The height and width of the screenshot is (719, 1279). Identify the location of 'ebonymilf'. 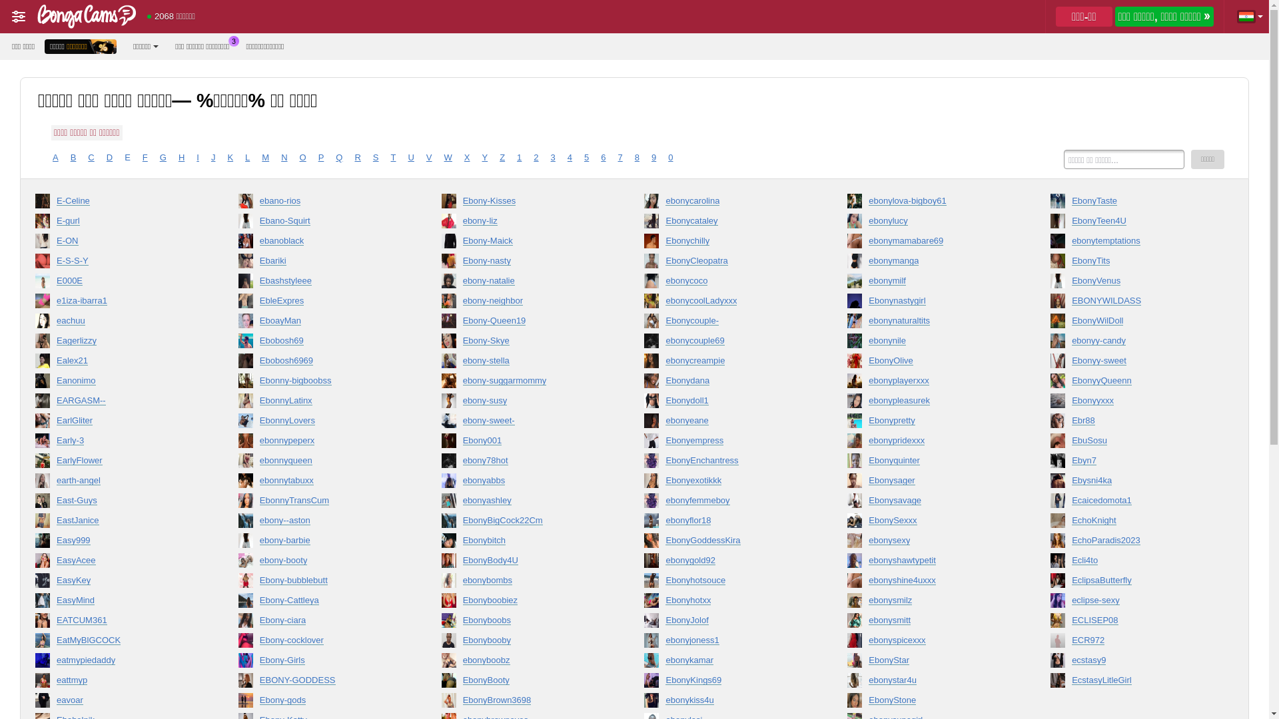
(929, 282).